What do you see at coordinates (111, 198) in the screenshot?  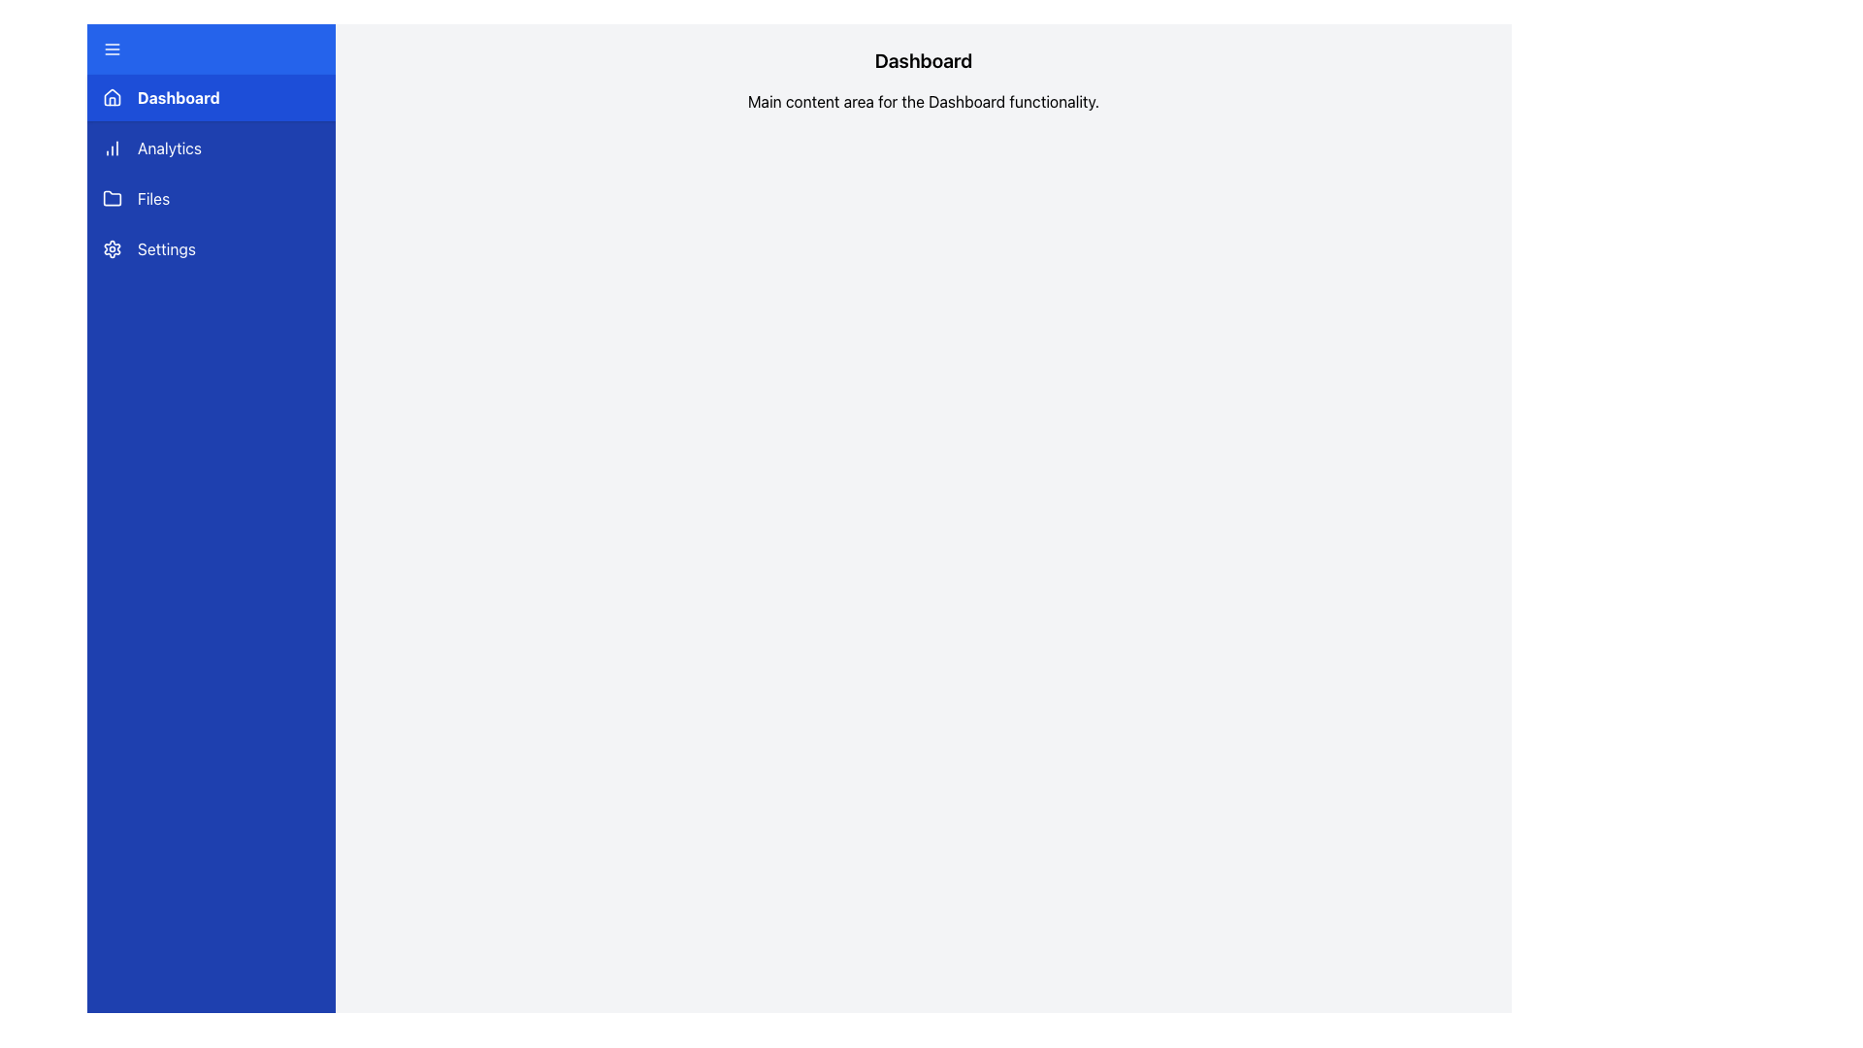 I see `the folder icon representing the 'Files' menu item, which is located in the left sidebar below 'Analytics' and above 'Settings'` at bounding box center [111, 198].